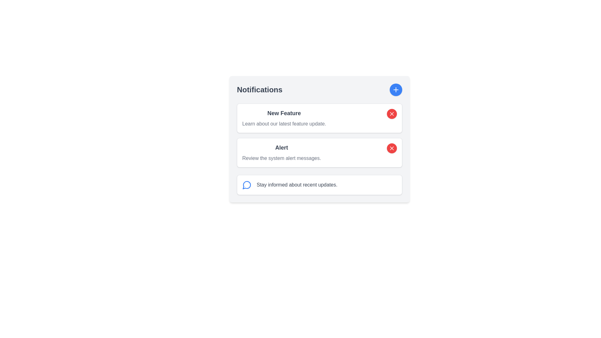 Image resolution: width=601 pixels, height=338 pixels. I want to click on the text component displaying 'Review the system alert messages.' styled in gray, which is located under the 'Alert' heading in the notification card, so click(281, 158).